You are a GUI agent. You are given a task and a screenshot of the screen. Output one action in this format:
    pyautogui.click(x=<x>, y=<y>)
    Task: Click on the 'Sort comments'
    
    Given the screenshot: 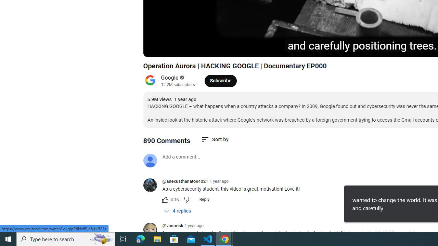 What is the action you would take?
    pyautogui.click(x=214, y=139)
    